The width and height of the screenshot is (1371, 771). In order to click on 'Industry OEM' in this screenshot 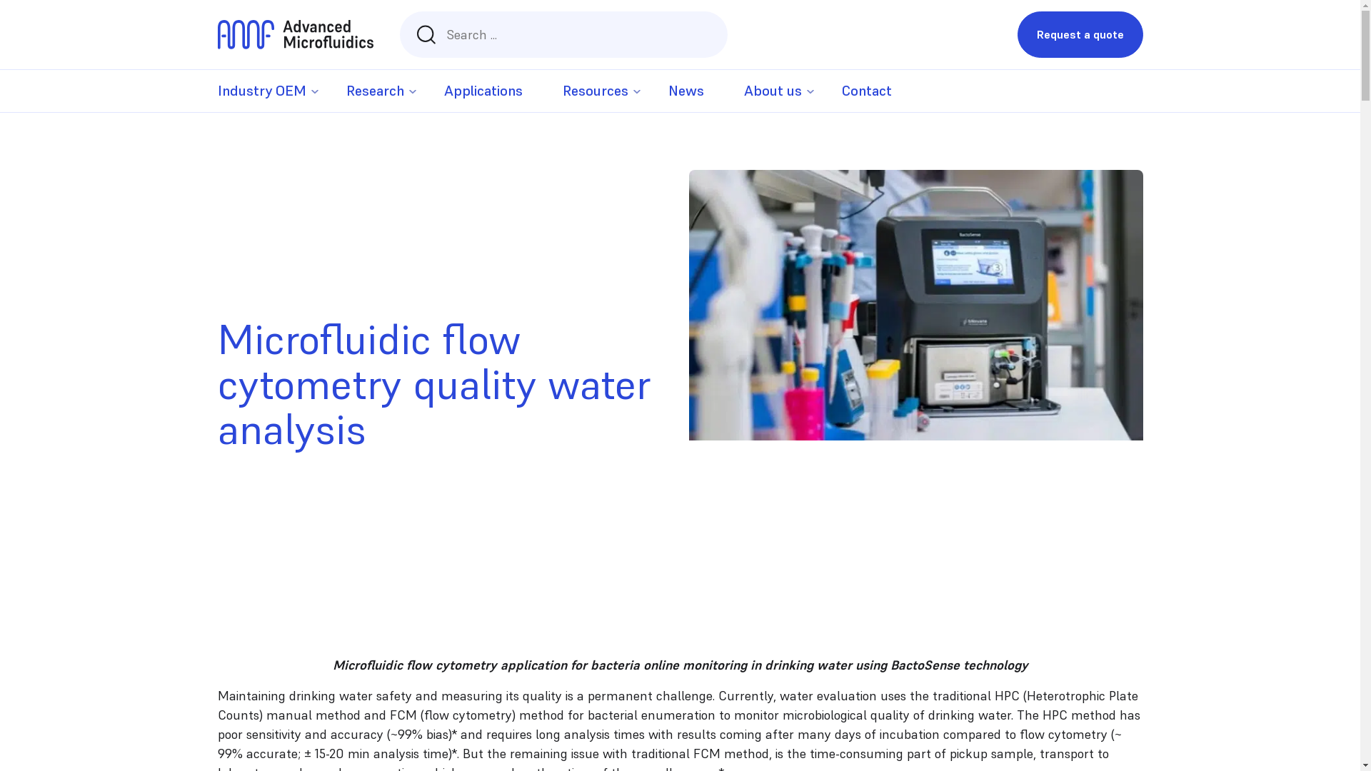, I will do `click(261, 91)`.